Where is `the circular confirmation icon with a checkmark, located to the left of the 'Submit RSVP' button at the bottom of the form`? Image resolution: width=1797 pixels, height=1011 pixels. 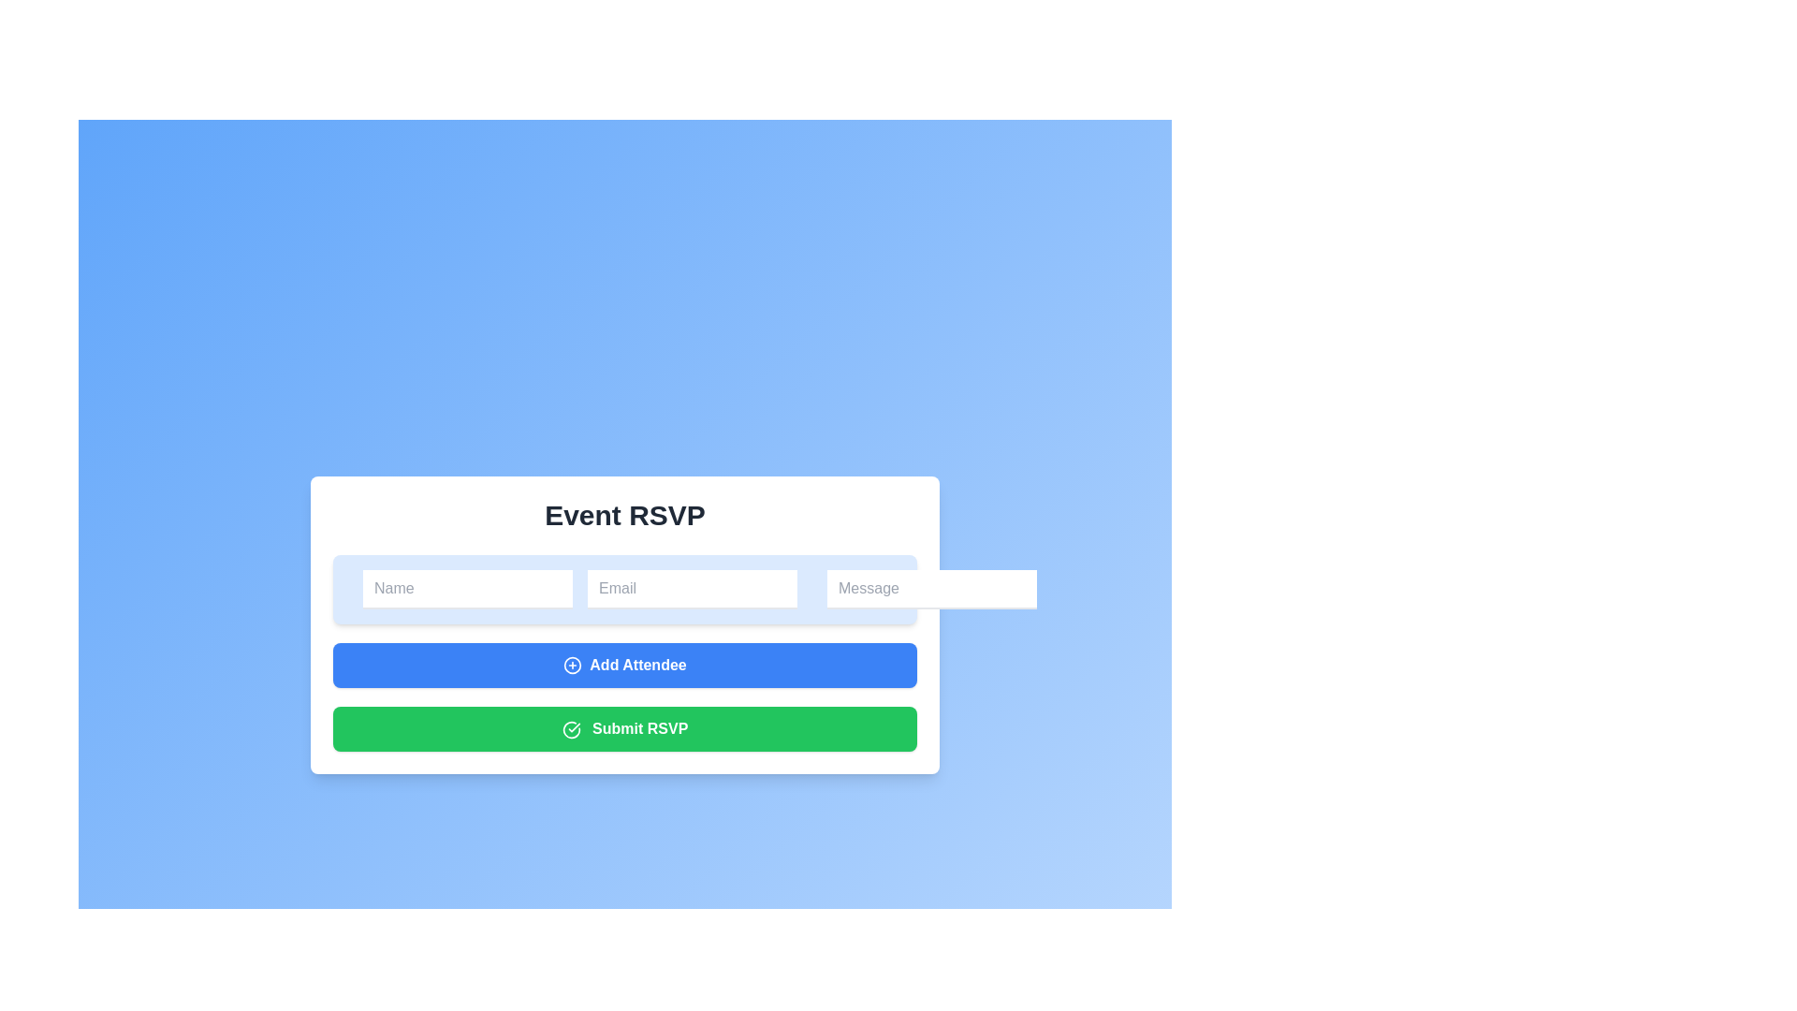 the circular confirmation icon with a checkmark, located to the left of the 'Submit RSVP' button at the bottom of the form is located at coordinates (570, 728).